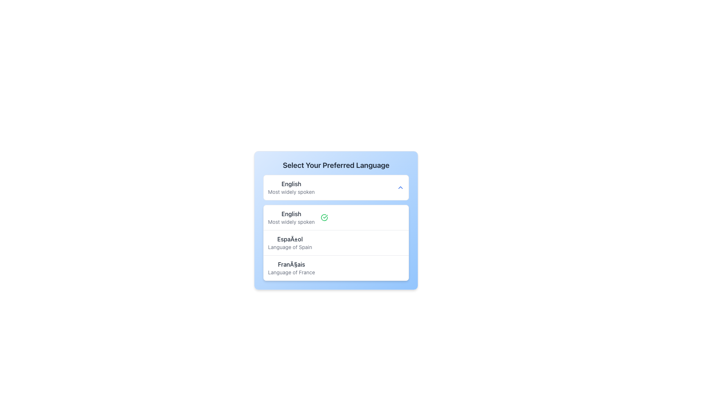 The height and width of the screenshot is (395, 703). What do you see at coordinates (291, 217) in the screenshot?
I see `the first selectable language option labeled 'English' in the language selection dropdown menu` at bounding box center [291, 217].